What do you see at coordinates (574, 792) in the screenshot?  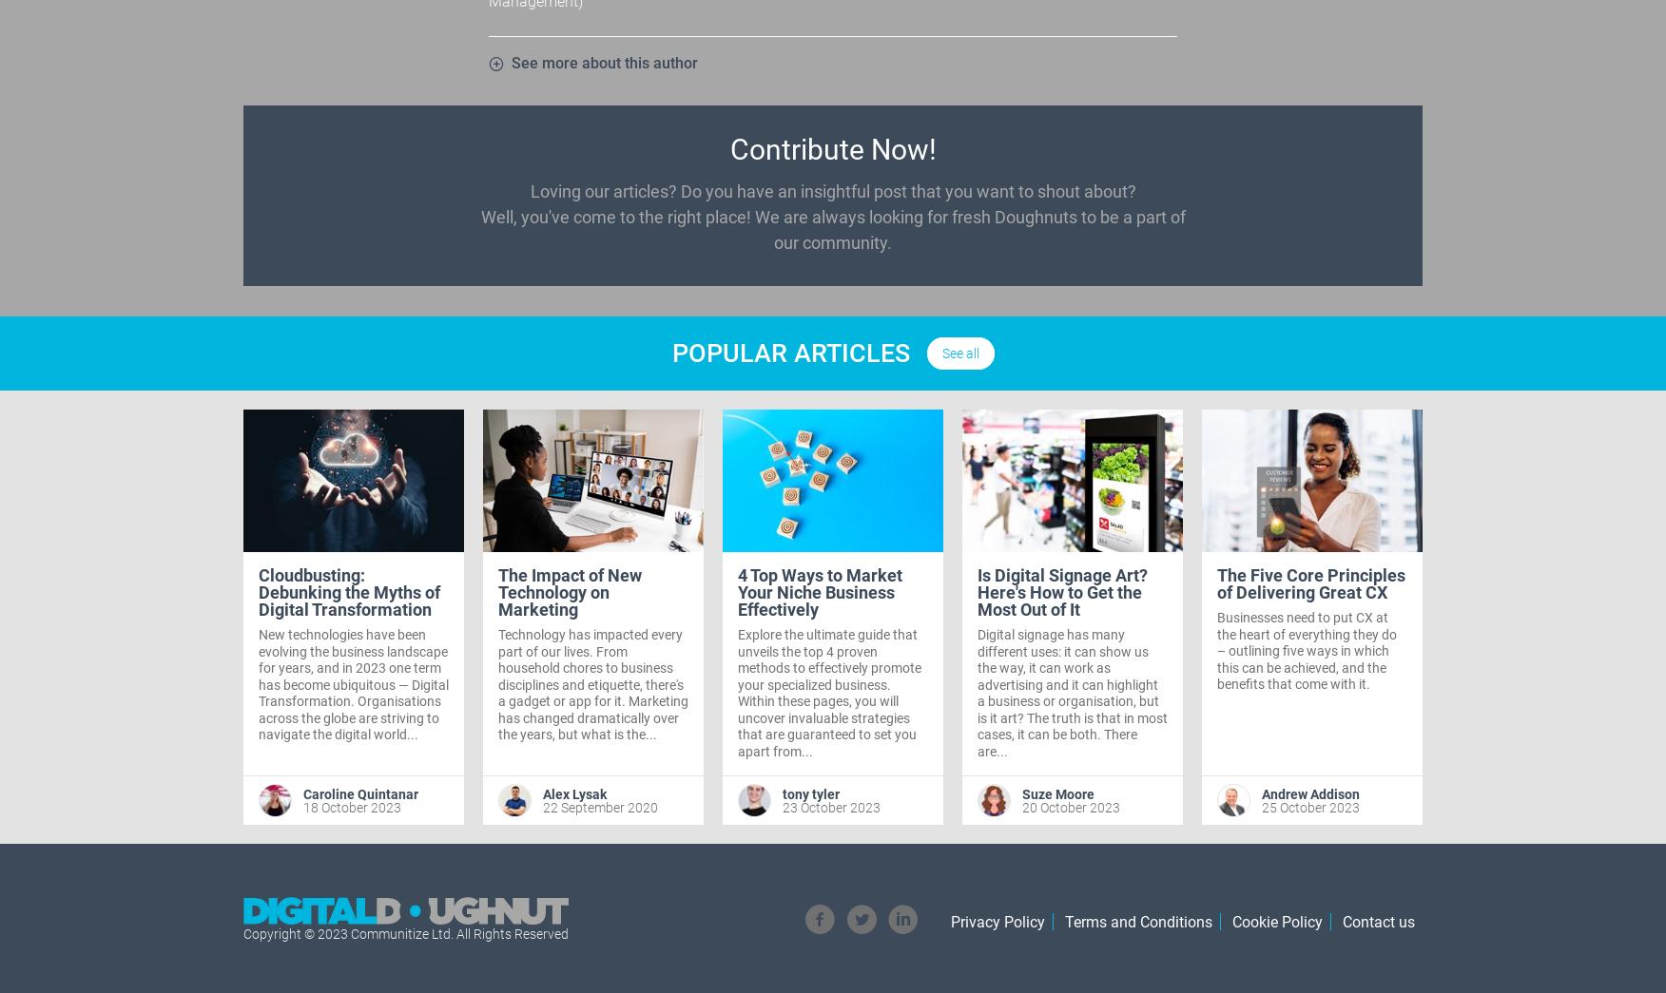 I see `'Alex Lysak'` at bounding box center [574, 792].